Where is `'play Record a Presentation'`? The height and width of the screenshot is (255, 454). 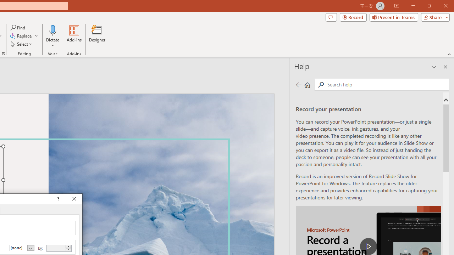 'play Record a Presentation' is located at coordinates (368, 246).